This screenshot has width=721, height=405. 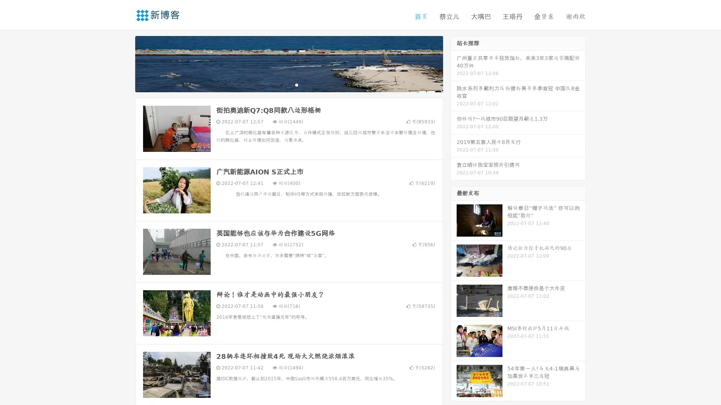 What do you see at coordinates (454, 63) in the screenshot?
I see `Next slide` at bounding box center [454, 63].